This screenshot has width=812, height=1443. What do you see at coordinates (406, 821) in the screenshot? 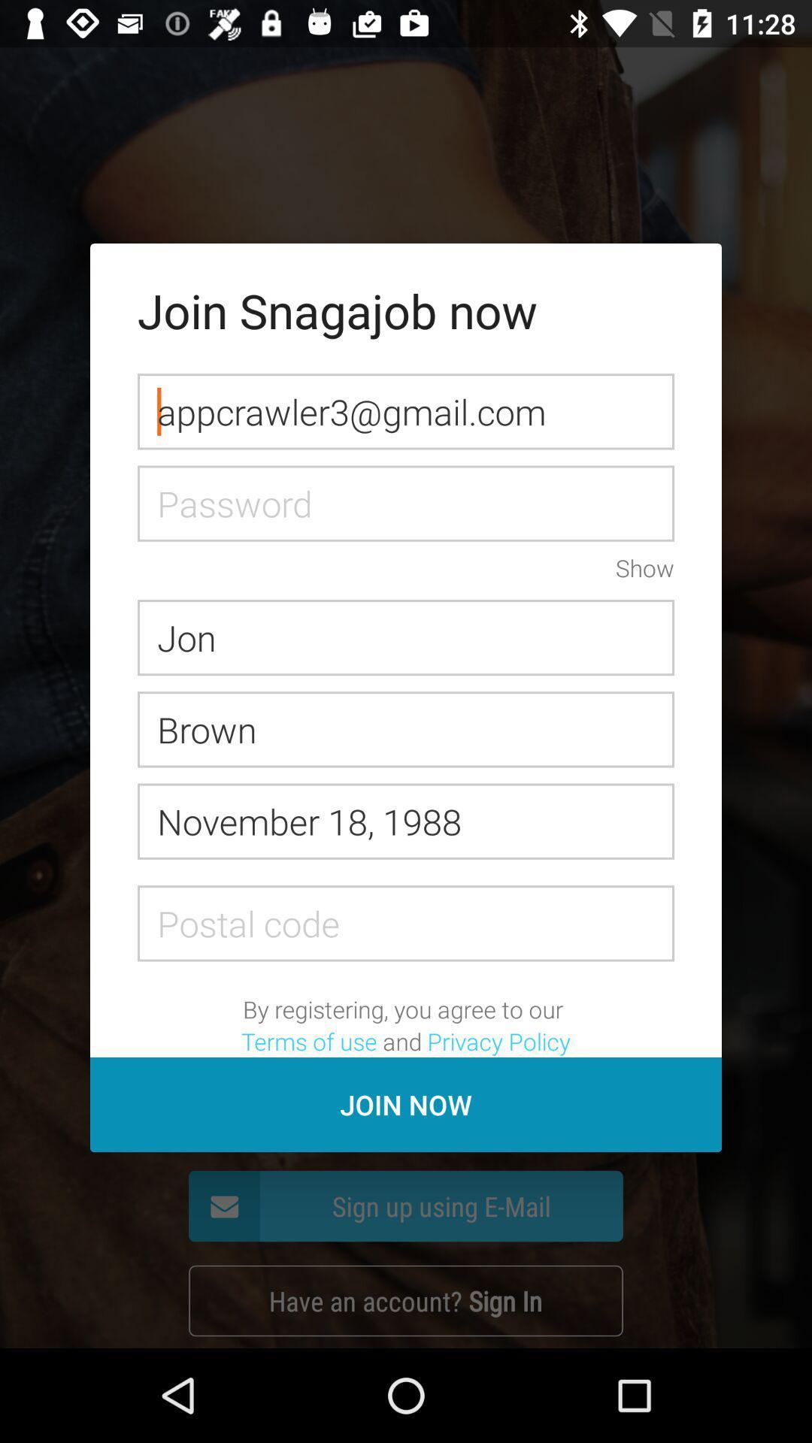
I see `birthdate` at bounding box center [406, 821].